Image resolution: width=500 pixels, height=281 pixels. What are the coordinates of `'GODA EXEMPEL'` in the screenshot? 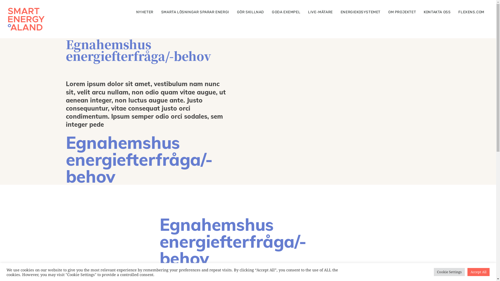 It's located at (286, 12).